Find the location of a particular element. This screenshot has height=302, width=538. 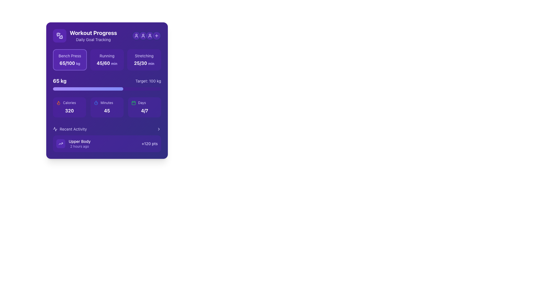

weight value displayed in the text label that shows '65 kg', which is styled in a large, bold white font against a purple background is located at coordinates (60, 81).